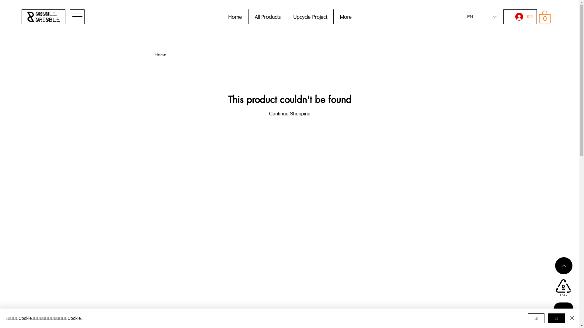  Describe the element at coordinates (155, 54) in the screenshot. I see `'Home'` at that location.